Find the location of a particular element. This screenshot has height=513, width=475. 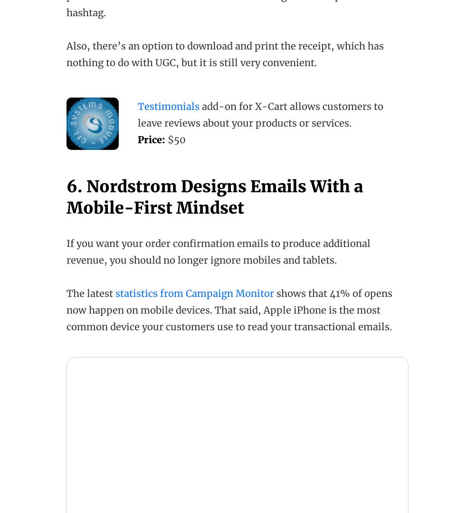

'6. Nordstrom Designs Emails With a Mobile-First Mindset' is located at coordinates (214, 196).